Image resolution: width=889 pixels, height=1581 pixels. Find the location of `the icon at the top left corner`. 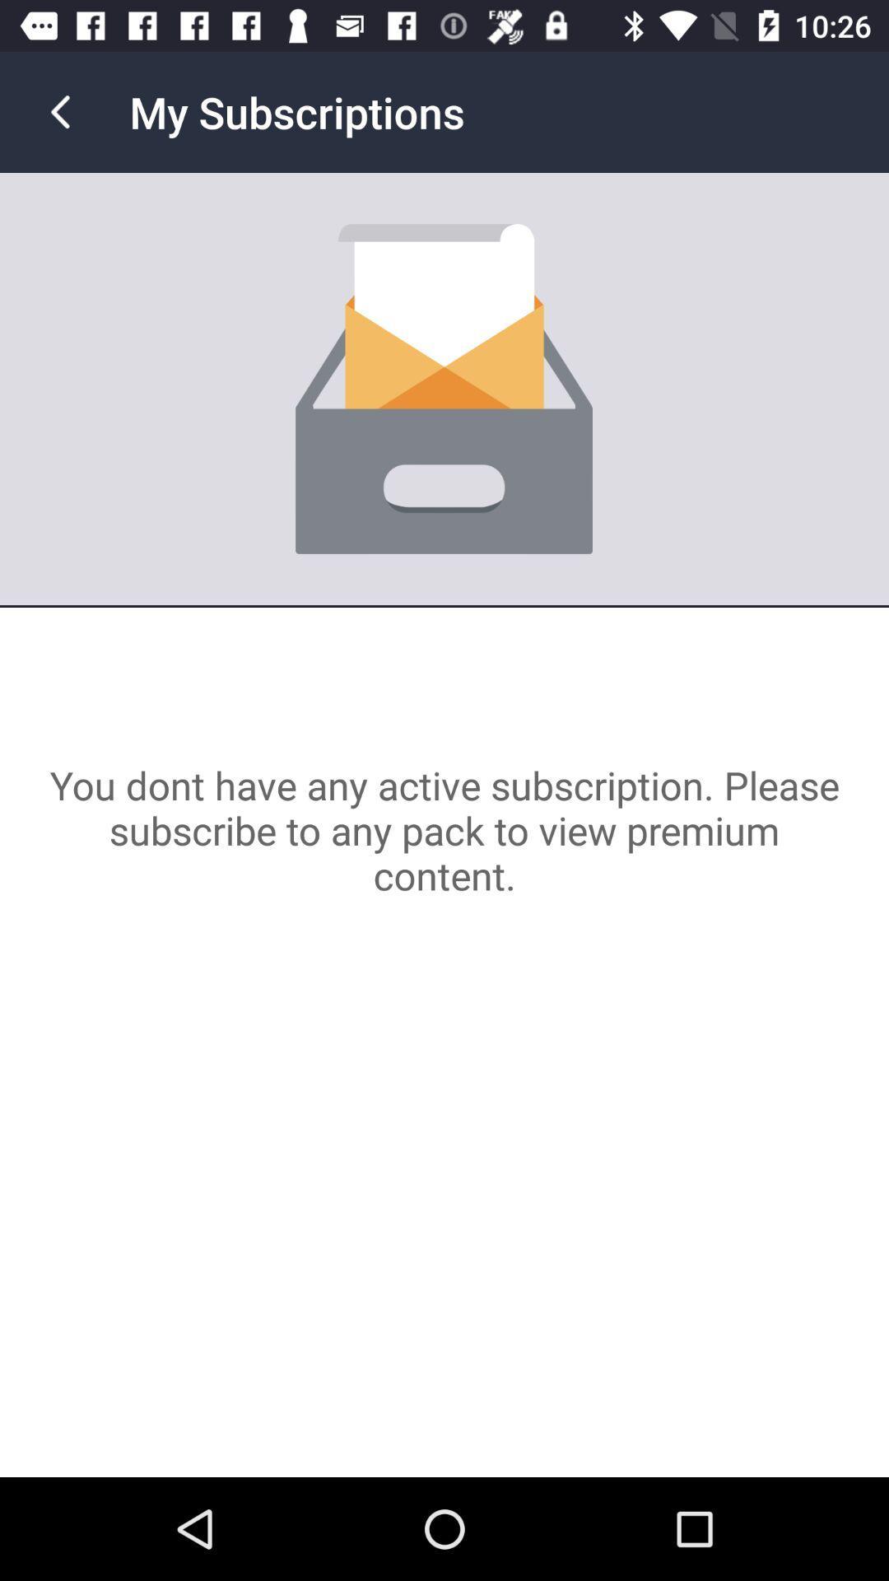

the icon at the top left corner is located at coordinates (59, 111).